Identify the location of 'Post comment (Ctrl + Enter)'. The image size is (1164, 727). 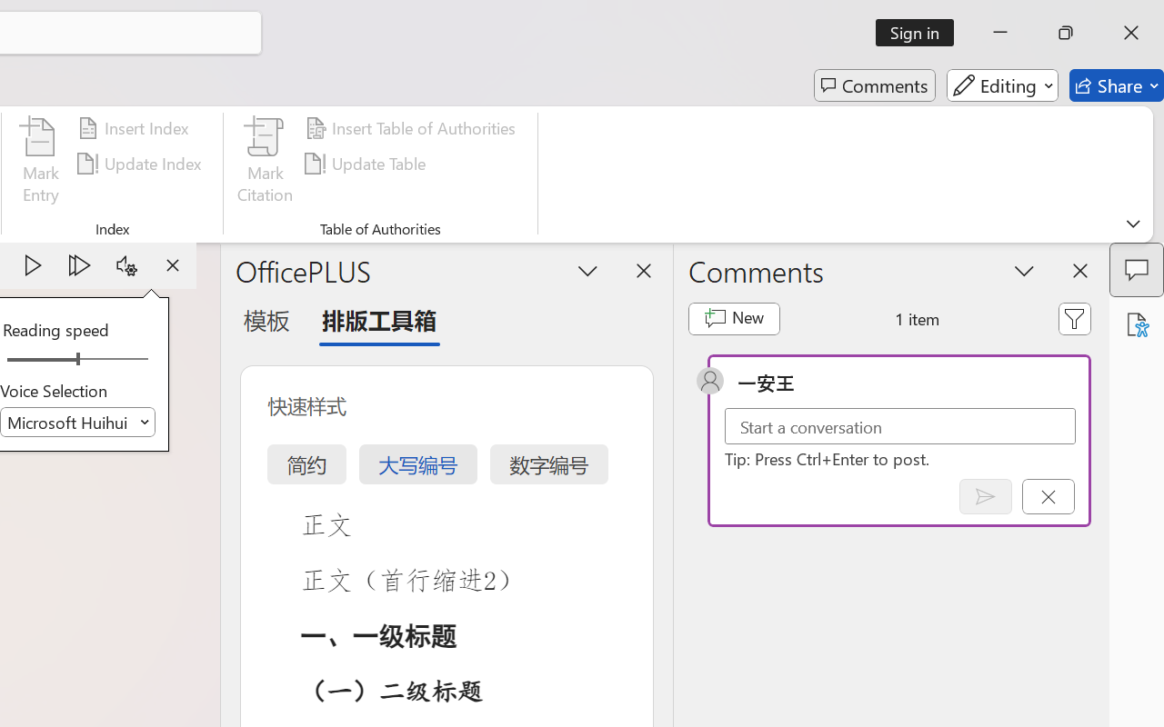
(985, 496).